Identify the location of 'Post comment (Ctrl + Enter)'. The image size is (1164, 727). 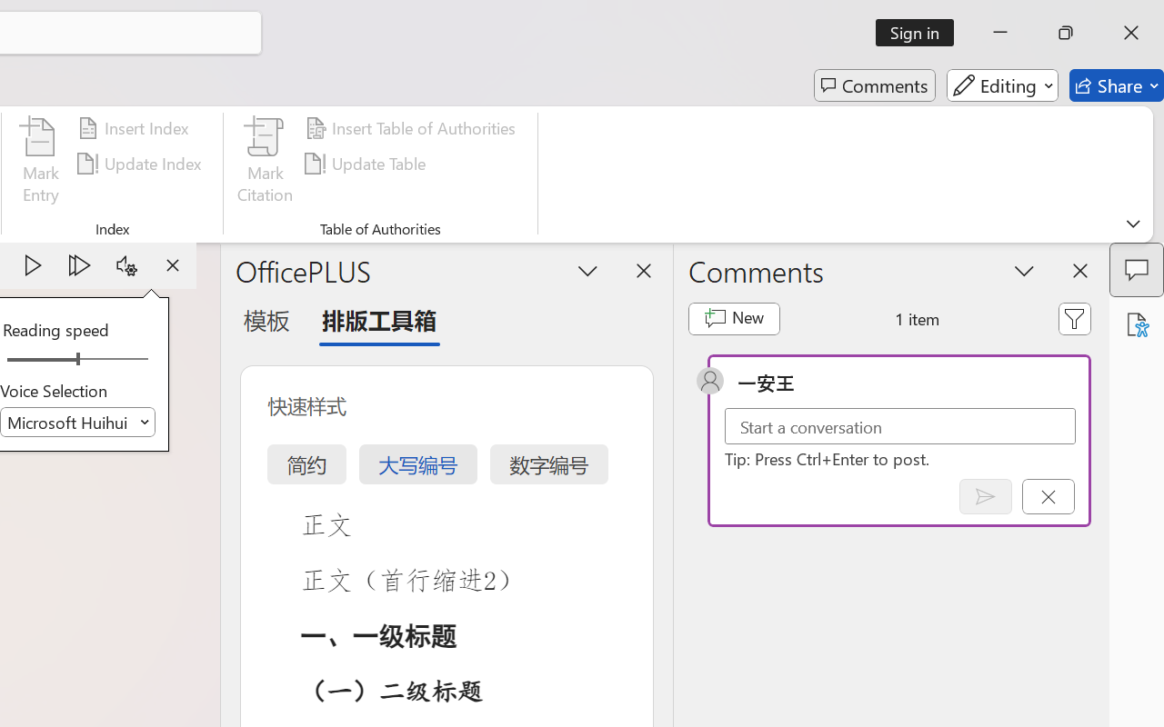
(985, 496).